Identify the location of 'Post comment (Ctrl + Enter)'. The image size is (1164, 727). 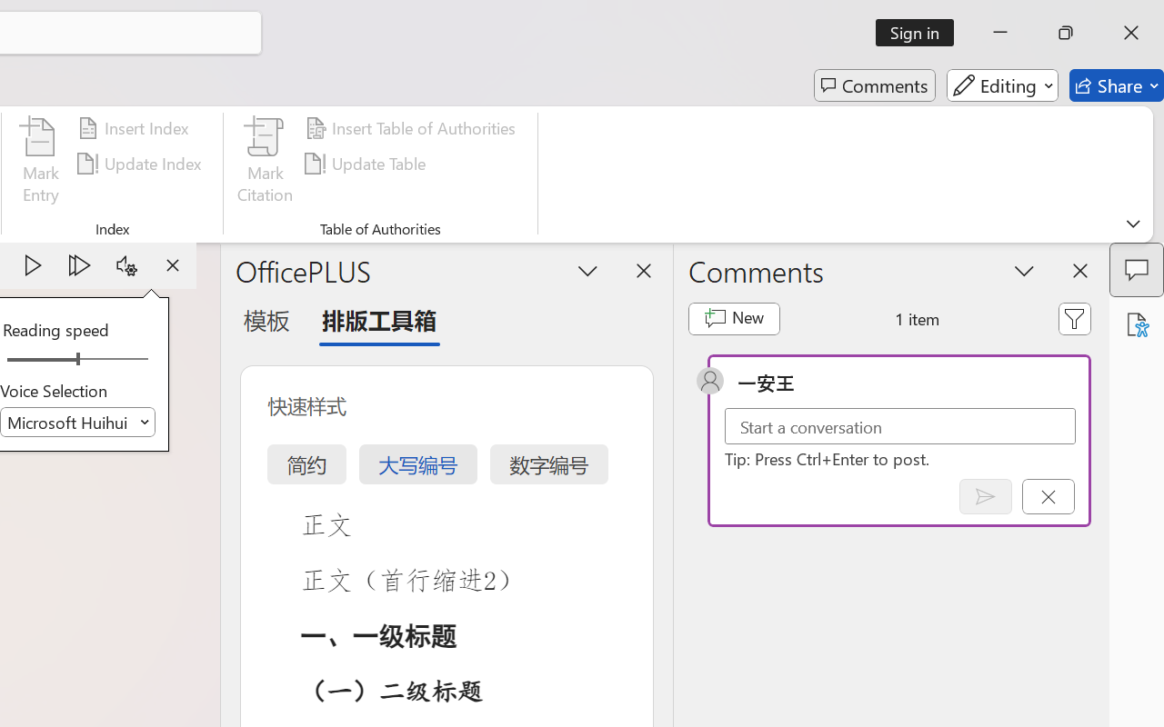
(985, 496).